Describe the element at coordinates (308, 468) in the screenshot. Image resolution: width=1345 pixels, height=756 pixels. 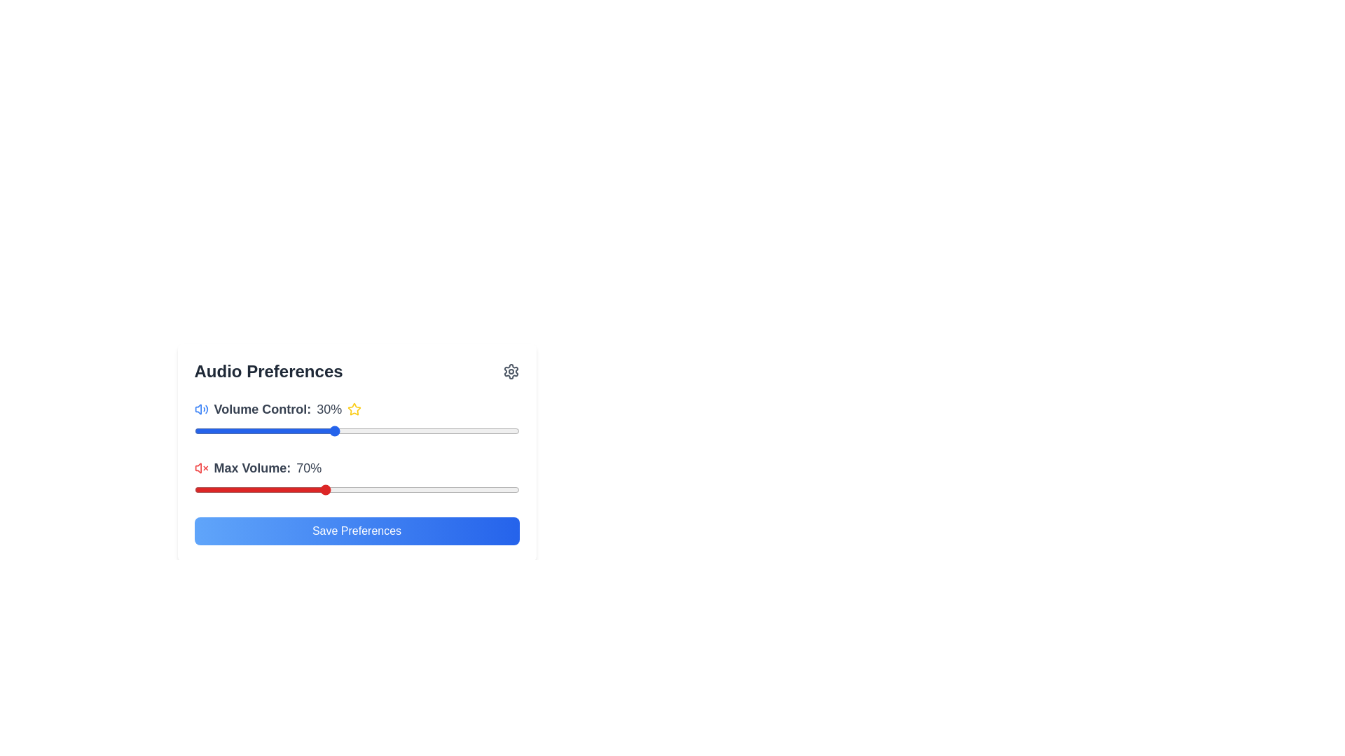
I see `the static text display showing the maximum volume setting, which indicates 70%, located to the right of the 'Max Volume' label and near the volume mute icon` at that location.